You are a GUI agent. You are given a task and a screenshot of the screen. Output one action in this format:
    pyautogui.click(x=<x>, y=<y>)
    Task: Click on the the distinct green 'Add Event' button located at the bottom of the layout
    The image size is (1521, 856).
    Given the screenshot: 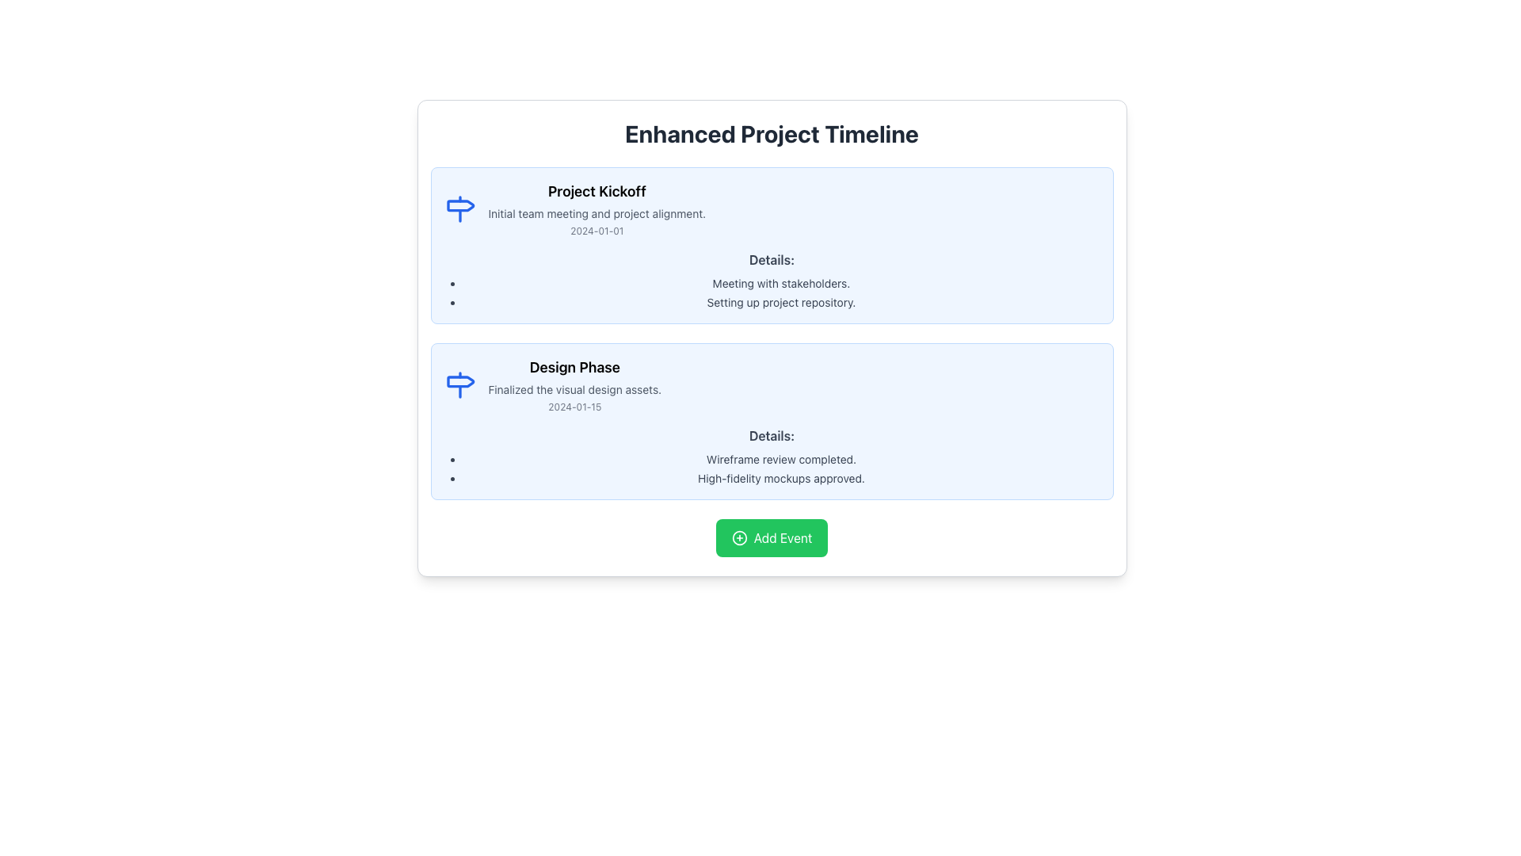 What is the action you would take?
    pyautogui.click(x=772, y=537)
    